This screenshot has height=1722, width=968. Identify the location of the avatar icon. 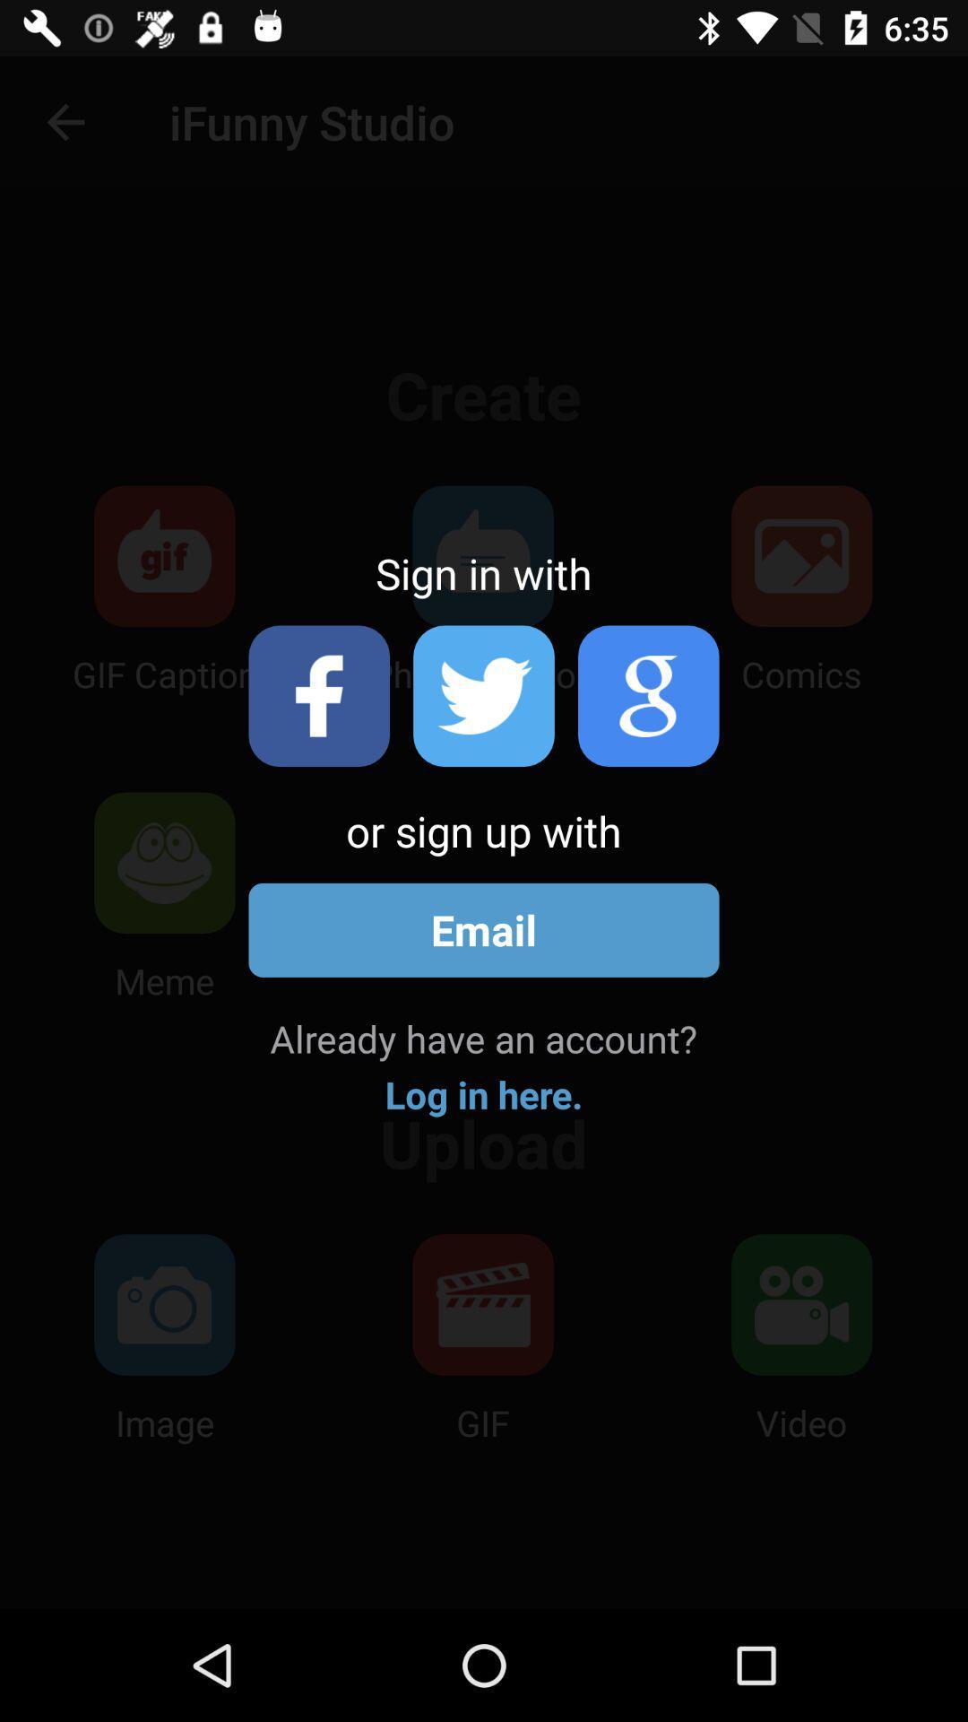
(648, 695).